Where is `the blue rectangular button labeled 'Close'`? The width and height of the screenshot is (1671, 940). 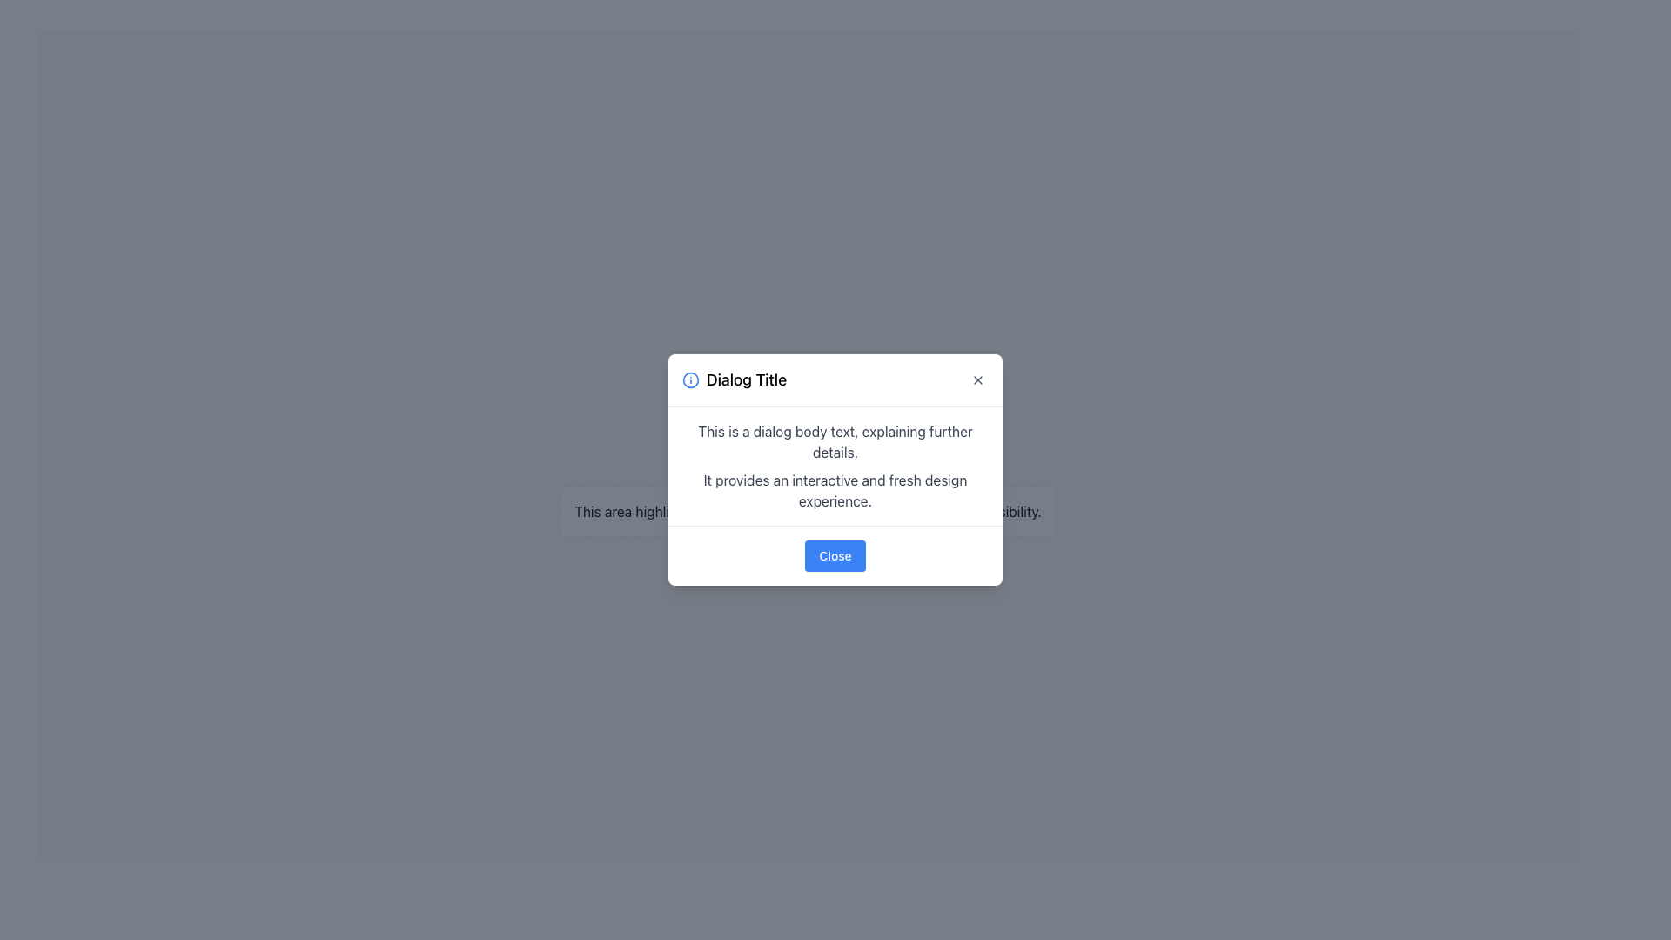
the blue rectangular button labeled 'Close' is located at coordinates (835, 554).